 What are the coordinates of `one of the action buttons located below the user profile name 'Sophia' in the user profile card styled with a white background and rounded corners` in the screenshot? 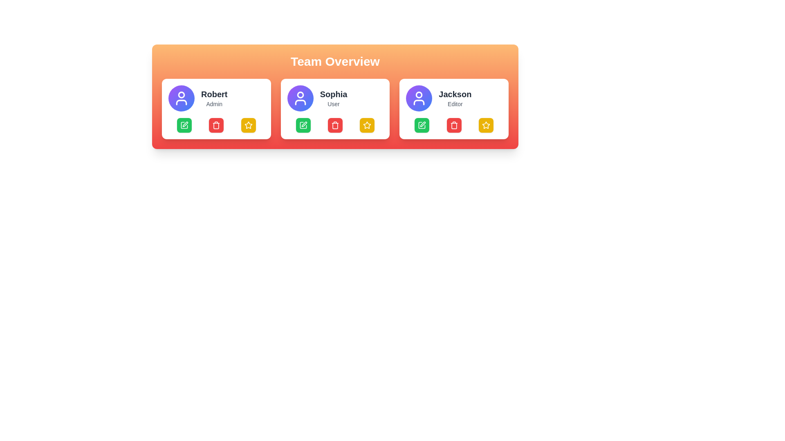 It's located at (335, 108).